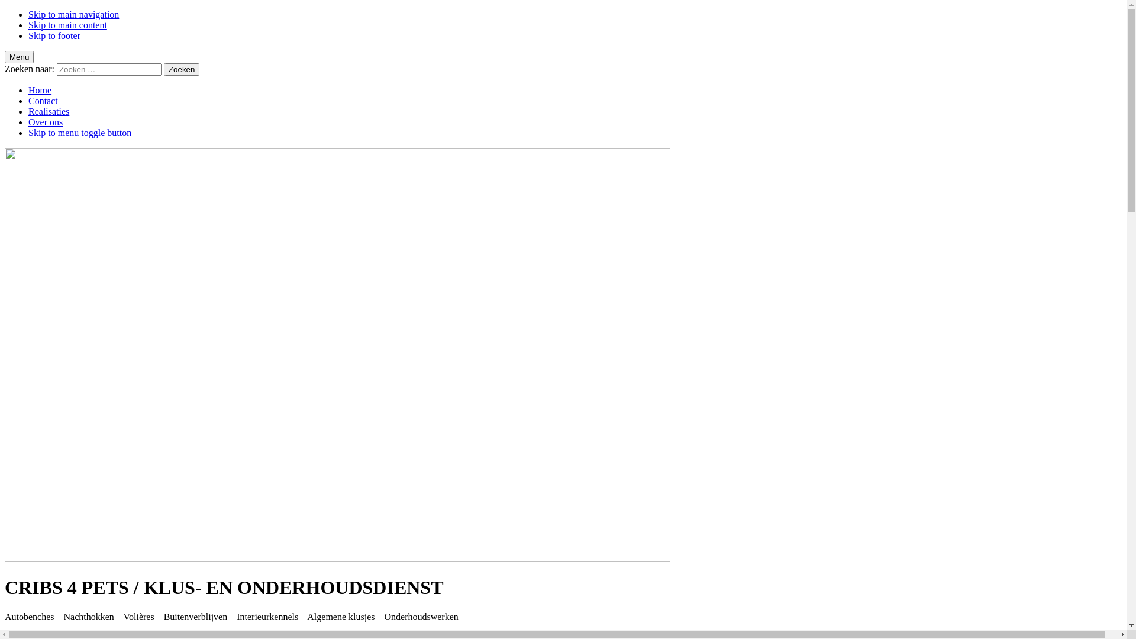  What do you see at coordinates (73, 14) in the screenshot?
I see `'Skip to main navigation'` at bounding box center [73, 14].